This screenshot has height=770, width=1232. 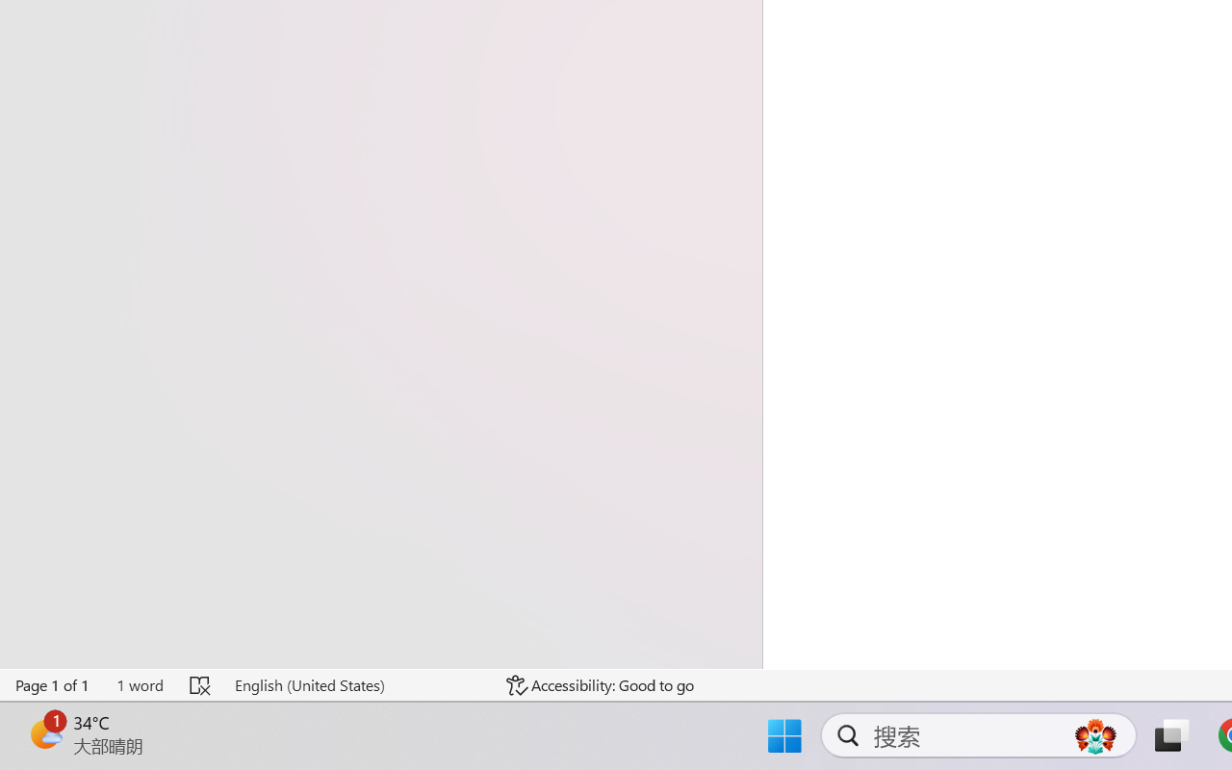 I want to click on 'Spelling and Grammar Check Errors', so click(x=201, y=684).